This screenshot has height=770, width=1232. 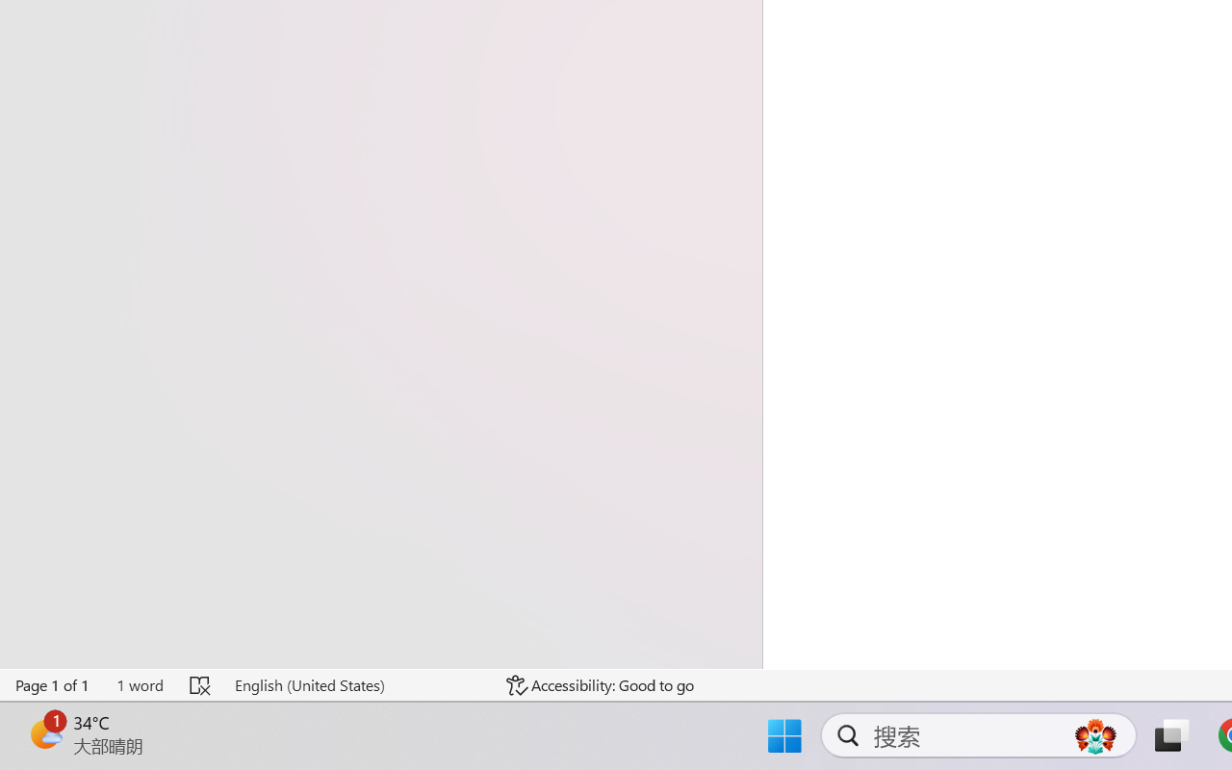 I want to click on 'Spelling and Grammar Check Errors', so click(x=201, y=684).